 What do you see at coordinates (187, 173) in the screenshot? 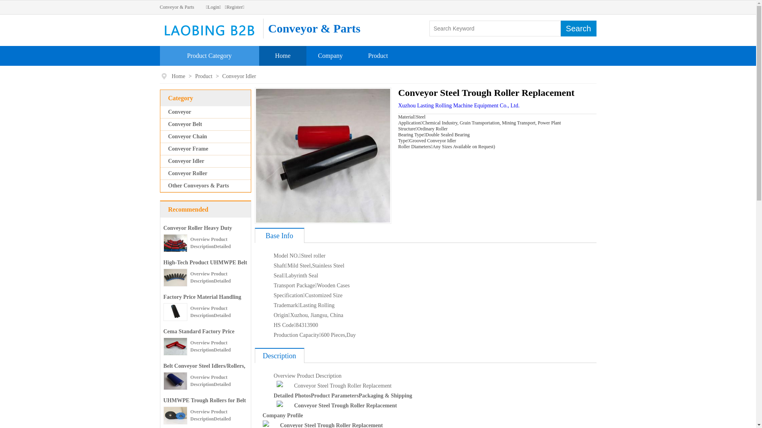
I see `'Conveyor Roller'` at bounding box center [187, 173].